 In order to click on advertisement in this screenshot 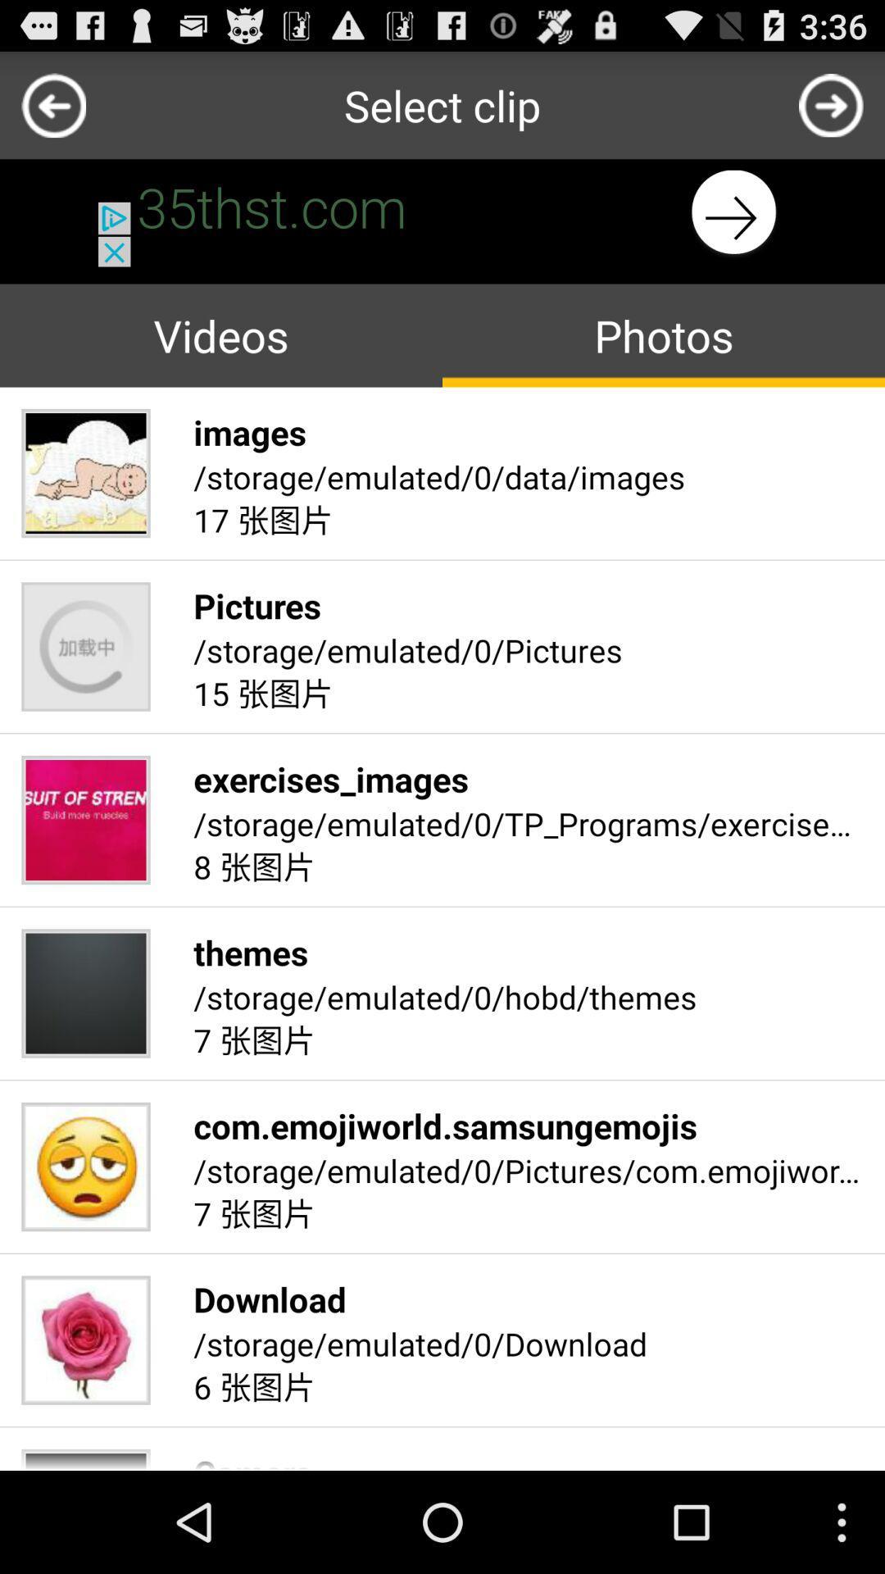, I will do `click(442, 212)`.